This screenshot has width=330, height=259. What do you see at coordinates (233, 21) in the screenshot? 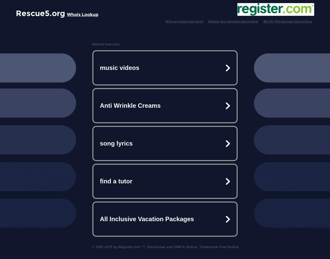
I see `'Renew Your Domain Name Now'` at bounding box center [233, 21].